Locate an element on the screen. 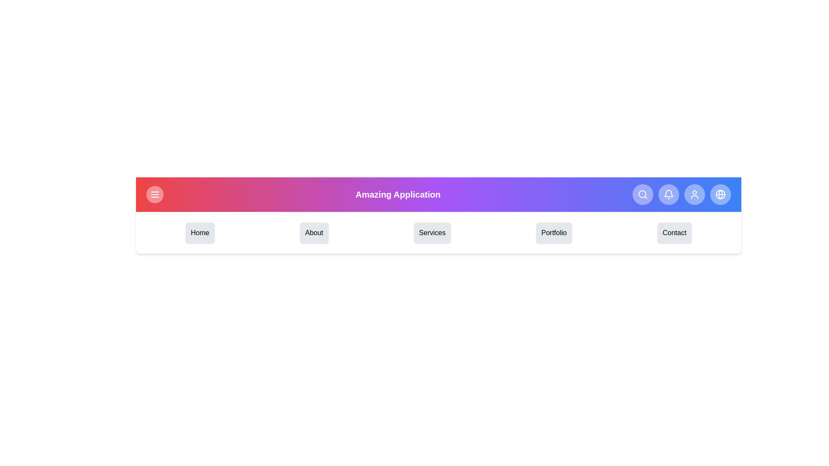 The image size is (829, 466). the Bell navigation button is located at coordinates (668, 195).